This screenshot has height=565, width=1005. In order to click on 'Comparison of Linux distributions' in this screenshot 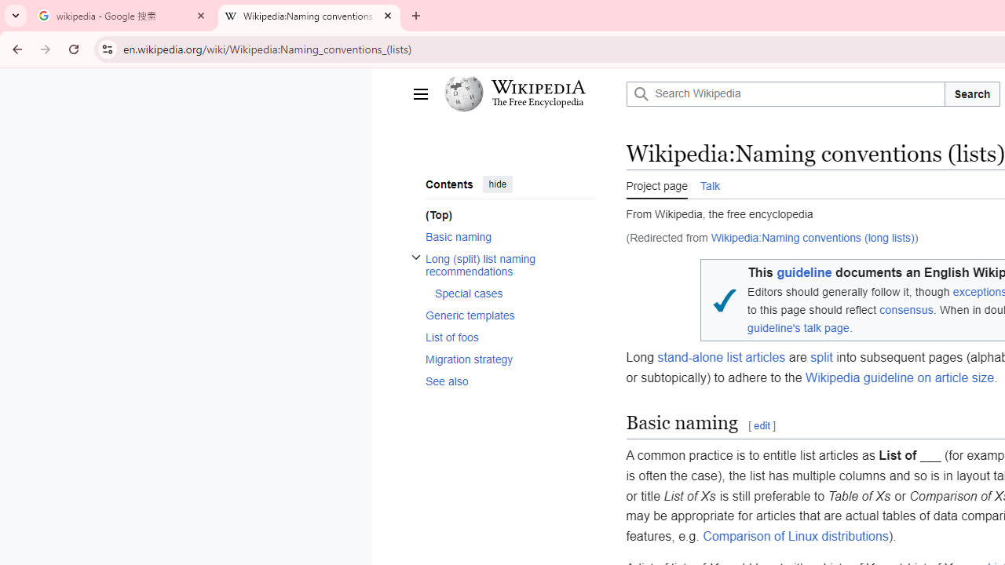, I will do `click(795, 534)`.